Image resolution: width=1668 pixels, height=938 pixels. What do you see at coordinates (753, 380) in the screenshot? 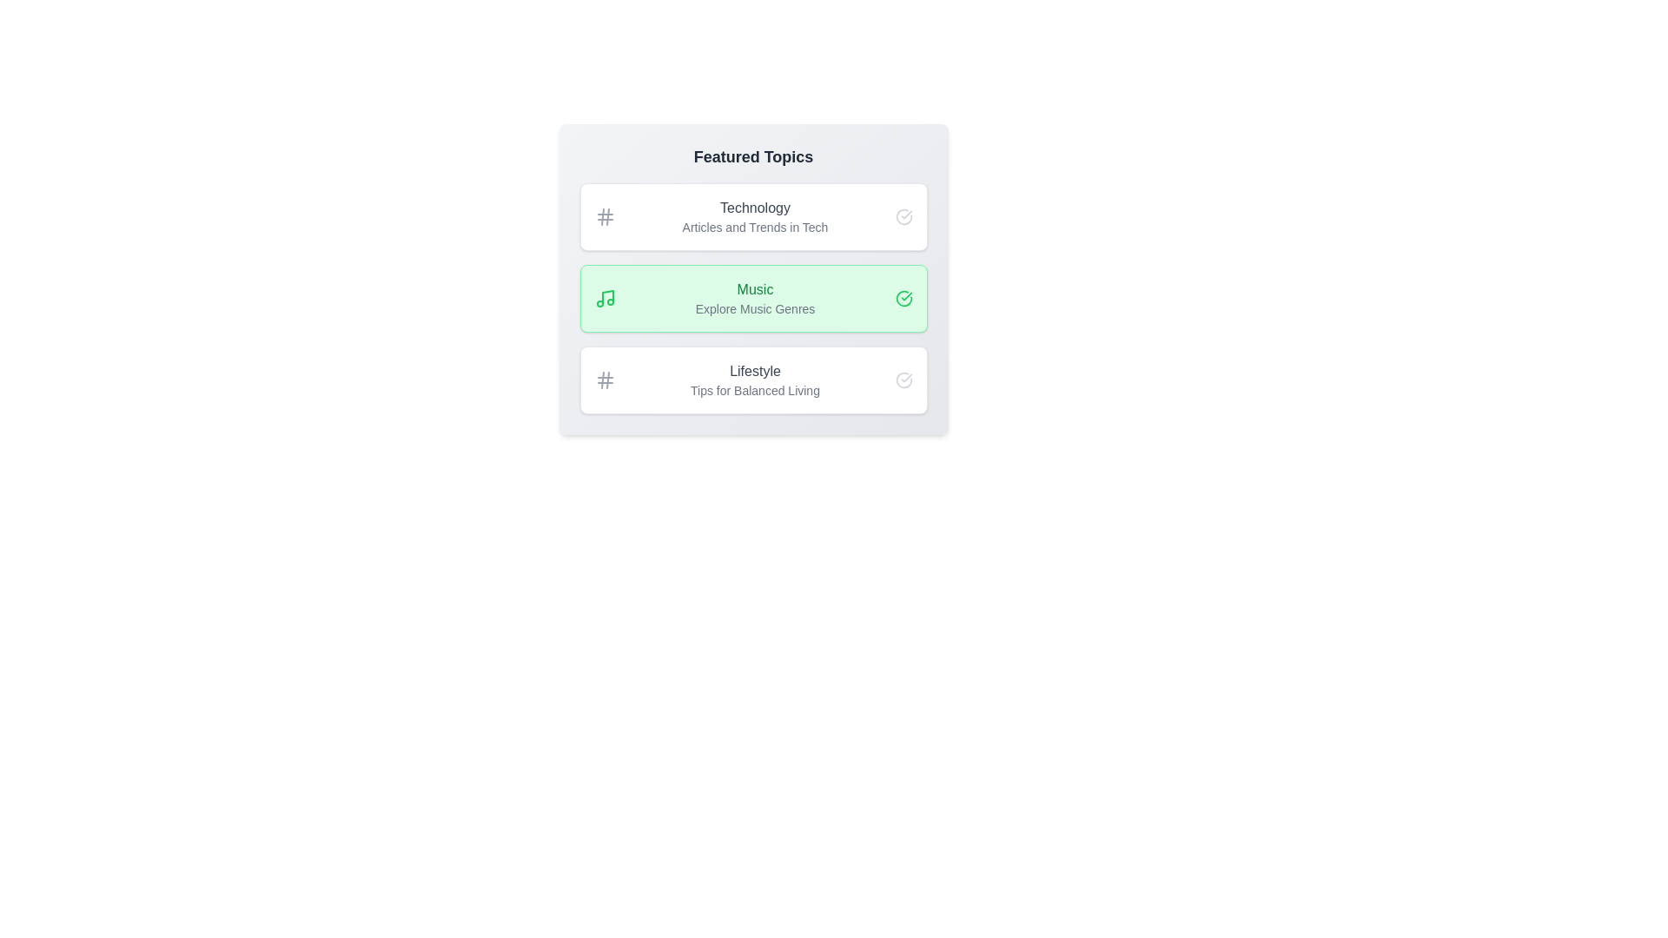
I see `the chip labeled Lifestyle` at bounding box center [753, 380].